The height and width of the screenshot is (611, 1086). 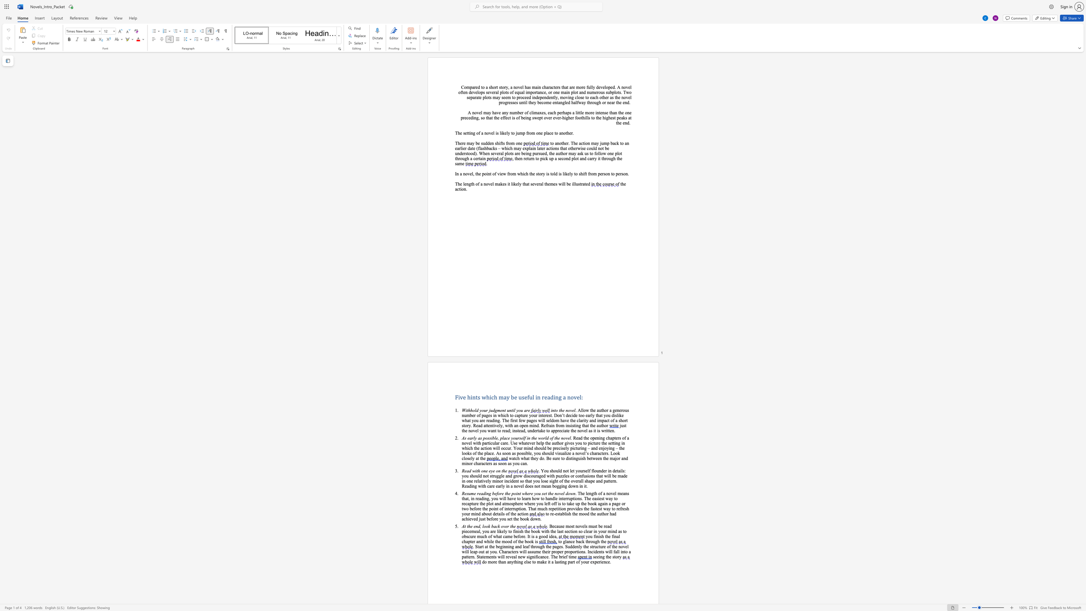 I want to click on the subset text "l themes will be ill" within the text "The length of a novel makes it likely that several themes will be illustrated", so click(x=541, y=184).